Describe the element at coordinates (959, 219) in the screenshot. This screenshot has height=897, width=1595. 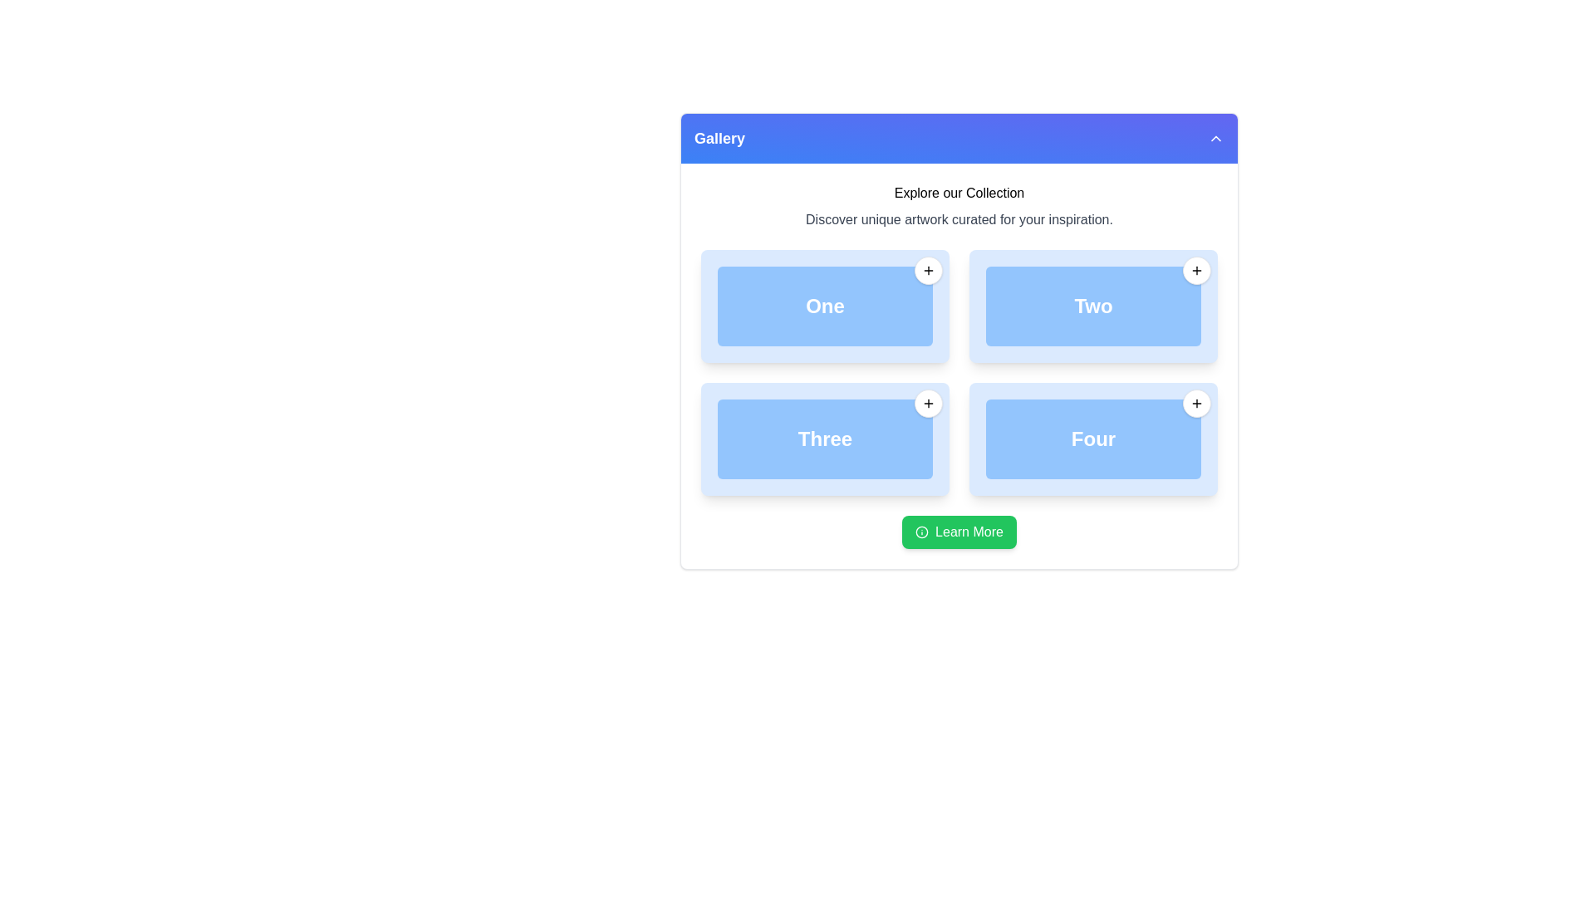
I see `the text element that reads 'Discover unique artwork curated for your inspiration.', which is styled in gray and positioned below the heading 'Explore our Collection'` at that location.